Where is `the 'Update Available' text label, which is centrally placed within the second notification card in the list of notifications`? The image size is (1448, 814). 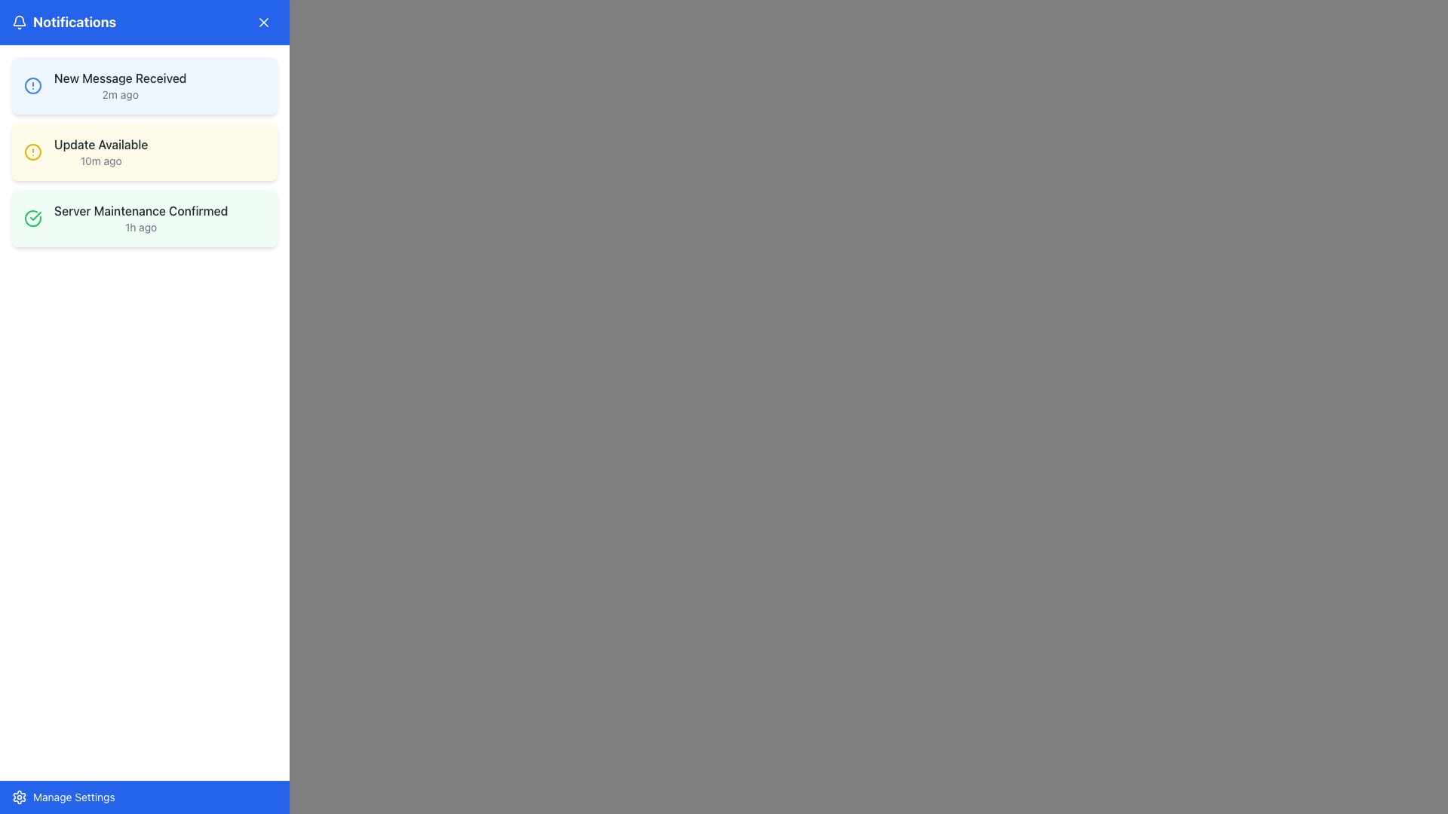
the 'Update Available' text label, which is centrally placed within the second notification card in the list of notifications is located at coordinates (100, 145).